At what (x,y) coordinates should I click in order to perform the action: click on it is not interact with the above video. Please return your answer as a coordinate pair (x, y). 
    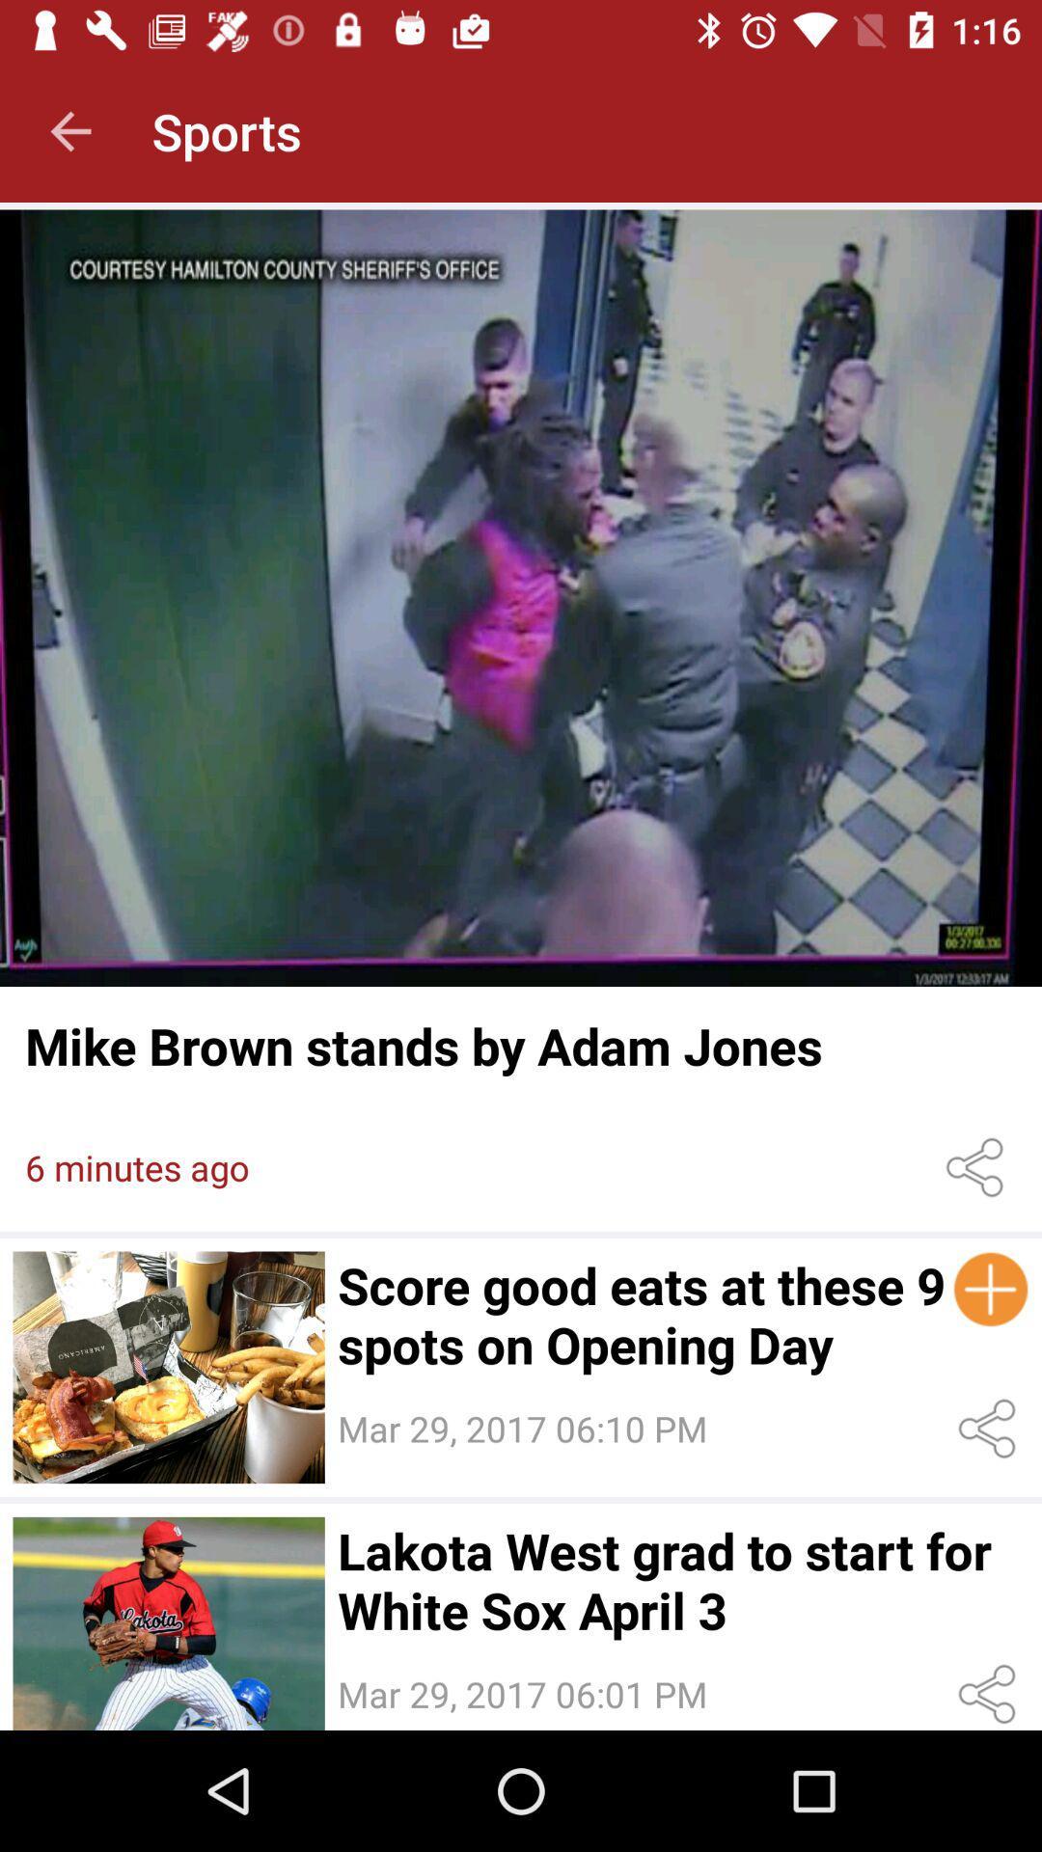
    Looking at the image, I should click on (168, 1622).